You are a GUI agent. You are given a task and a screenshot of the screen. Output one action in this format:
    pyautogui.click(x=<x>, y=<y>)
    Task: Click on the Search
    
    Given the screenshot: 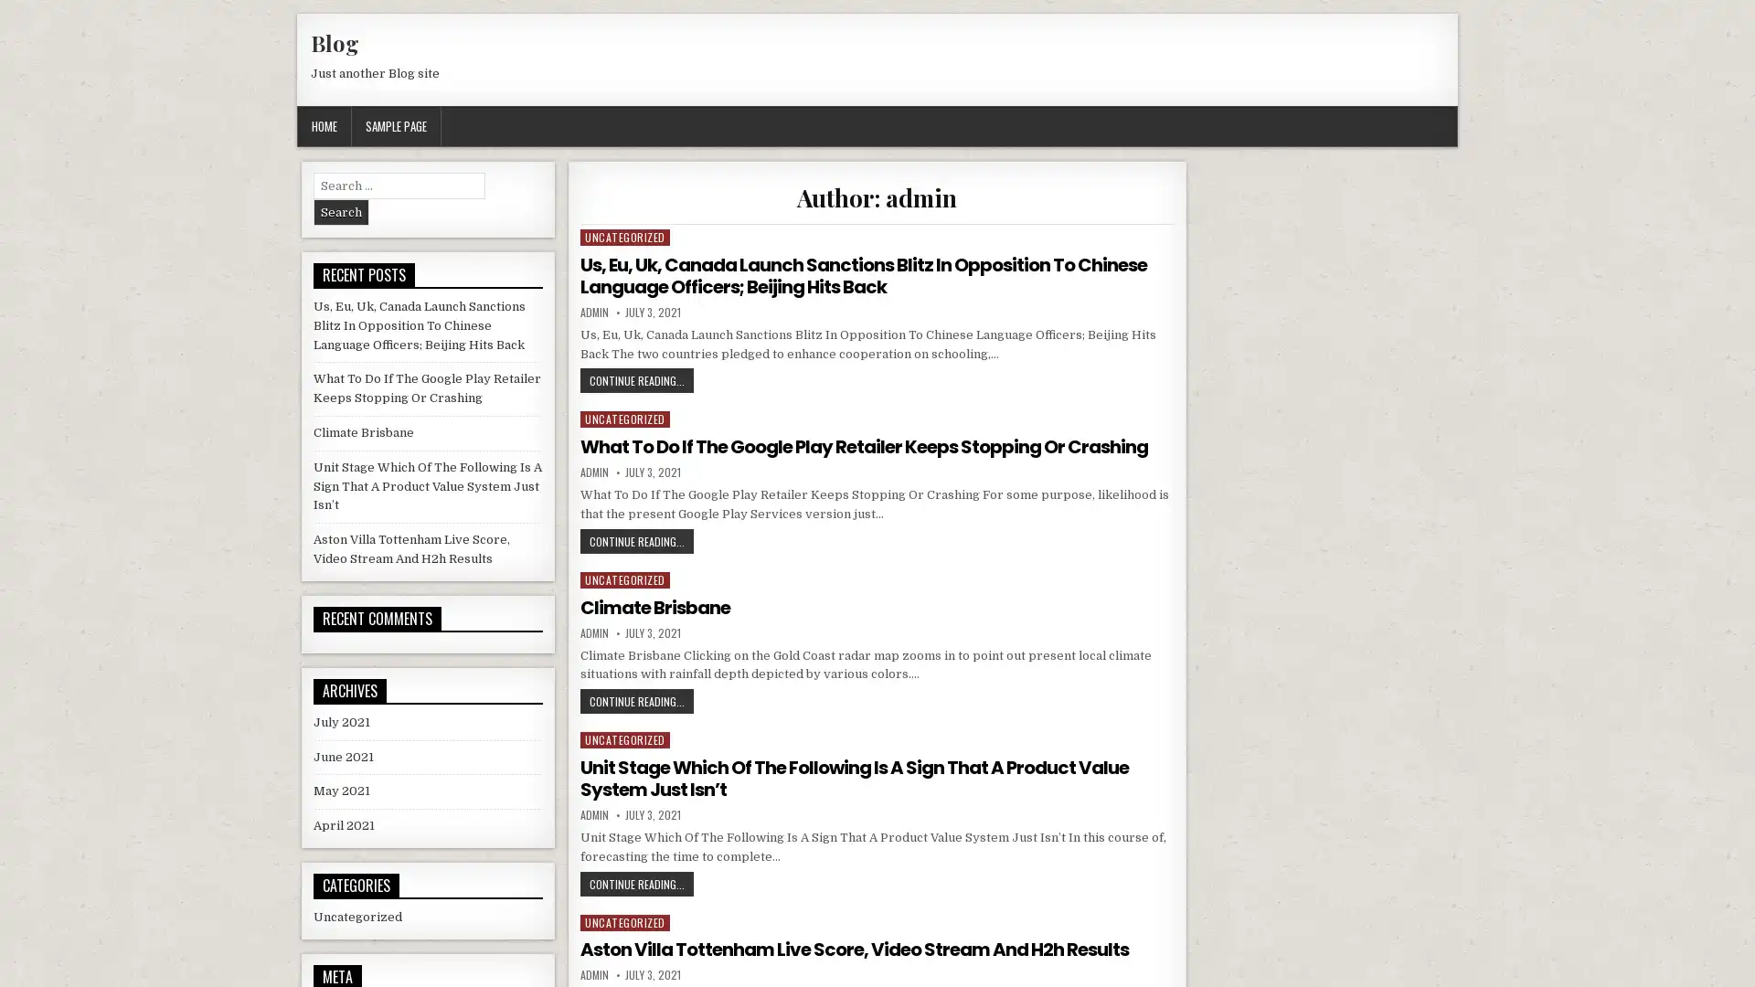 What is the action you would take?
    pyautogui.click(x=341, y=211)
    